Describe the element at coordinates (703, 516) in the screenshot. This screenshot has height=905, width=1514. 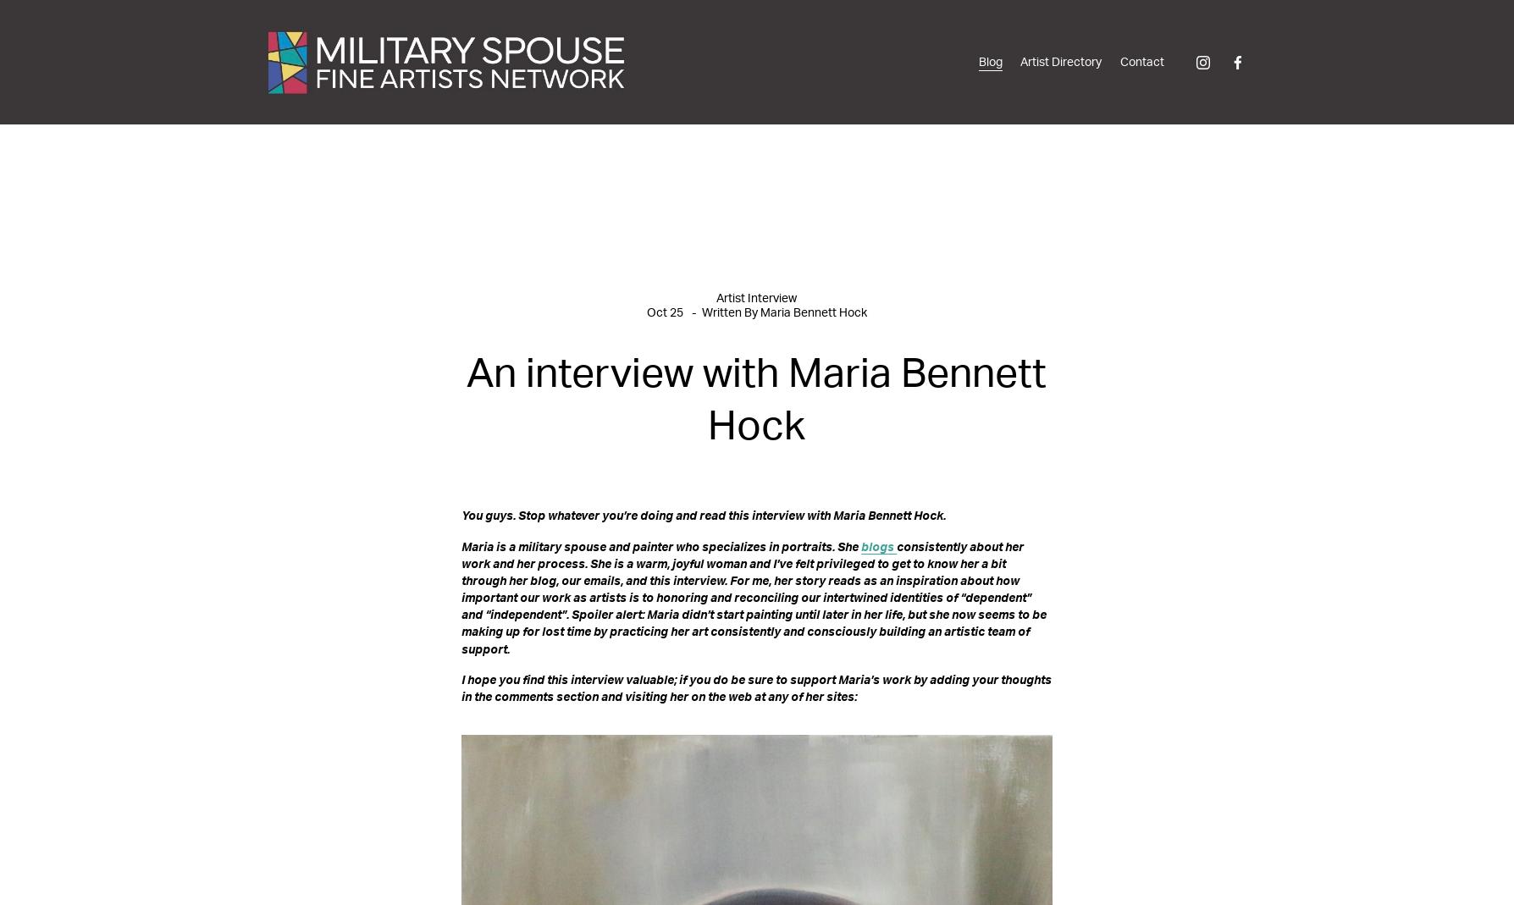
I see `'You guys. Stop whatever you’re doing and read this interview with Maria Bennett Hock.'` at that location.